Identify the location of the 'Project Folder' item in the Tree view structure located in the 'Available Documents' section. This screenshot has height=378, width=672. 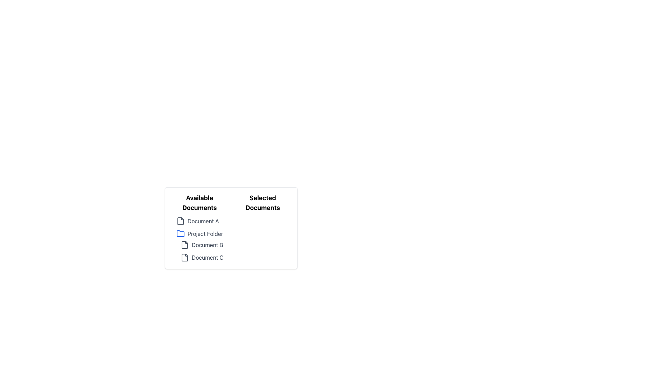
(199, 239).